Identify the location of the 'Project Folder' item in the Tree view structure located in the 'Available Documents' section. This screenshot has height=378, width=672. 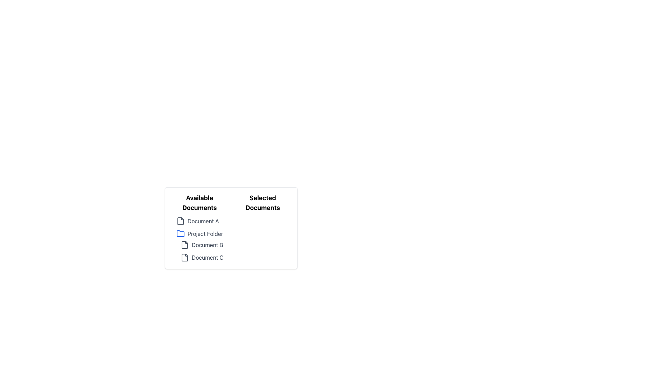
(199, 239).